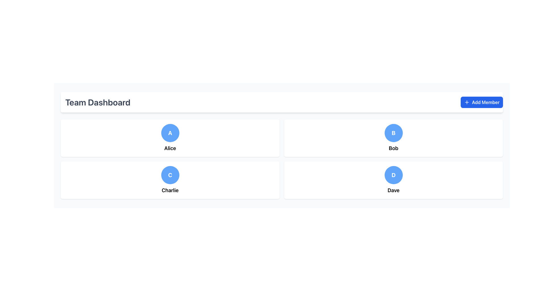  I want to click on the text label displaying the name 'Charlie', which is positioned below the blue circular icon containing the letter 'C' in a card layout, so click(170, 190).